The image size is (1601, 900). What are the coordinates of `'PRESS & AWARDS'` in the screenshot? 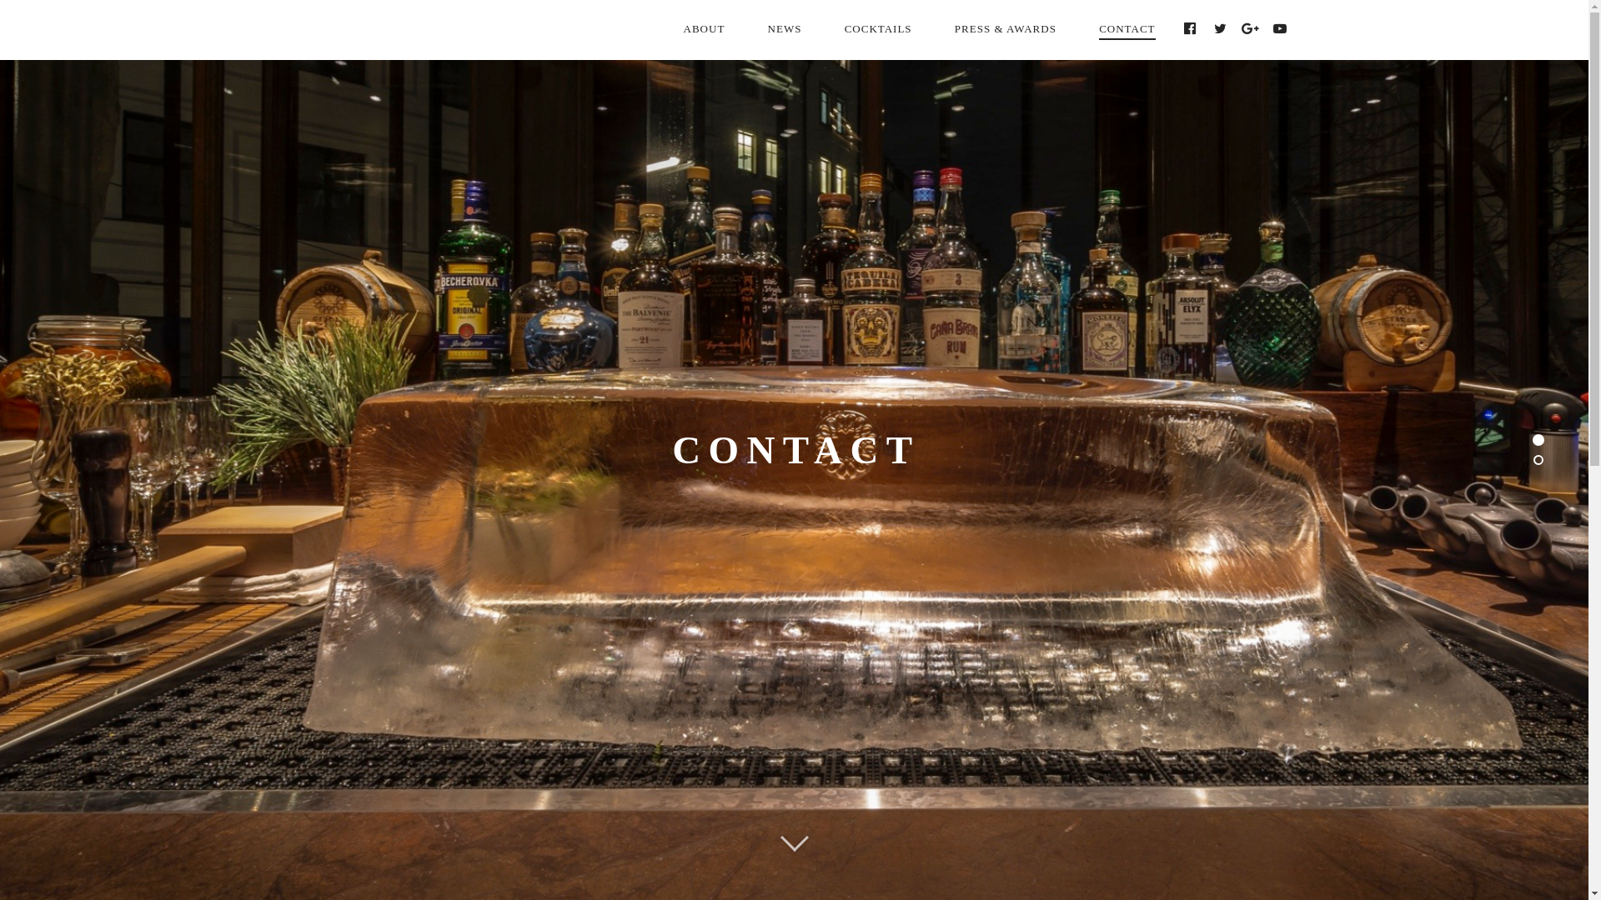 It's located at (1004, 28).